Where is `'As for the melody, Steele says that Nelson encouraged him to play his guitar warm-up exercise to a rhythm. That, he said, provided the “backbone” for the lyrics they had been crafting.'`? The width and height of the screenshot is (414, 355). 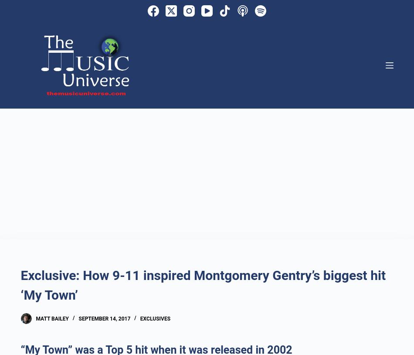
'As for the melody, Steele says that Nelson encouraged him to play his guitar warm-up exercise to a rhythm. That, he said, provided the “backbone” for the lyrics they had been crafting.' is located at coordinates (206, 14).